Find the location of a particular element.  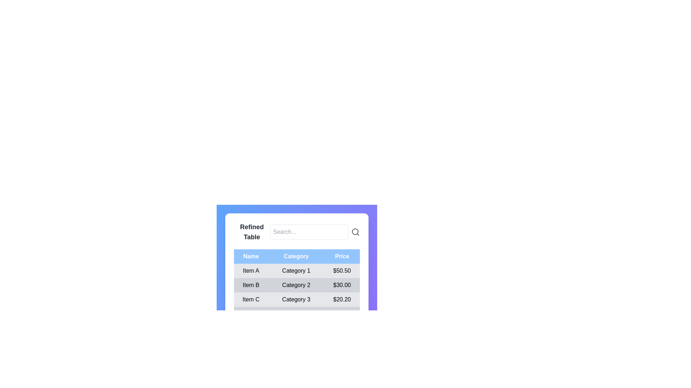

the 'Category 2' text label located is located at coordinates (296, 285).